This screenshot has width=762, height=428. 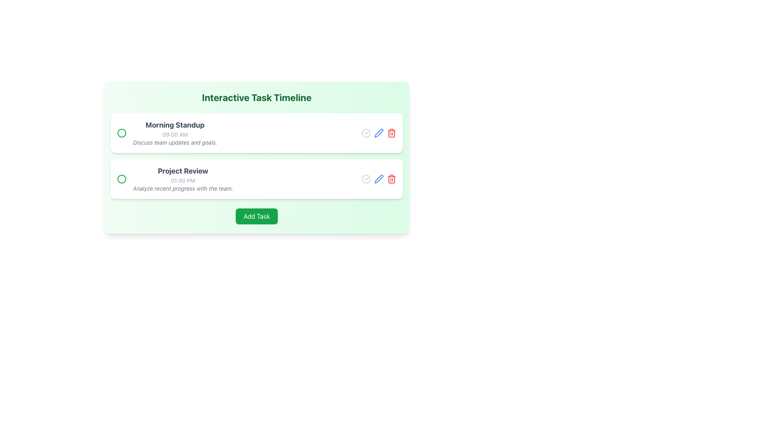 What do you see at coordinates (257, 216) in the screenshot?
I see `the green rectangular 'Add Task' button located at the bottom of the 'Interactive Task Timeline' section` at bounding box center [257, 216].